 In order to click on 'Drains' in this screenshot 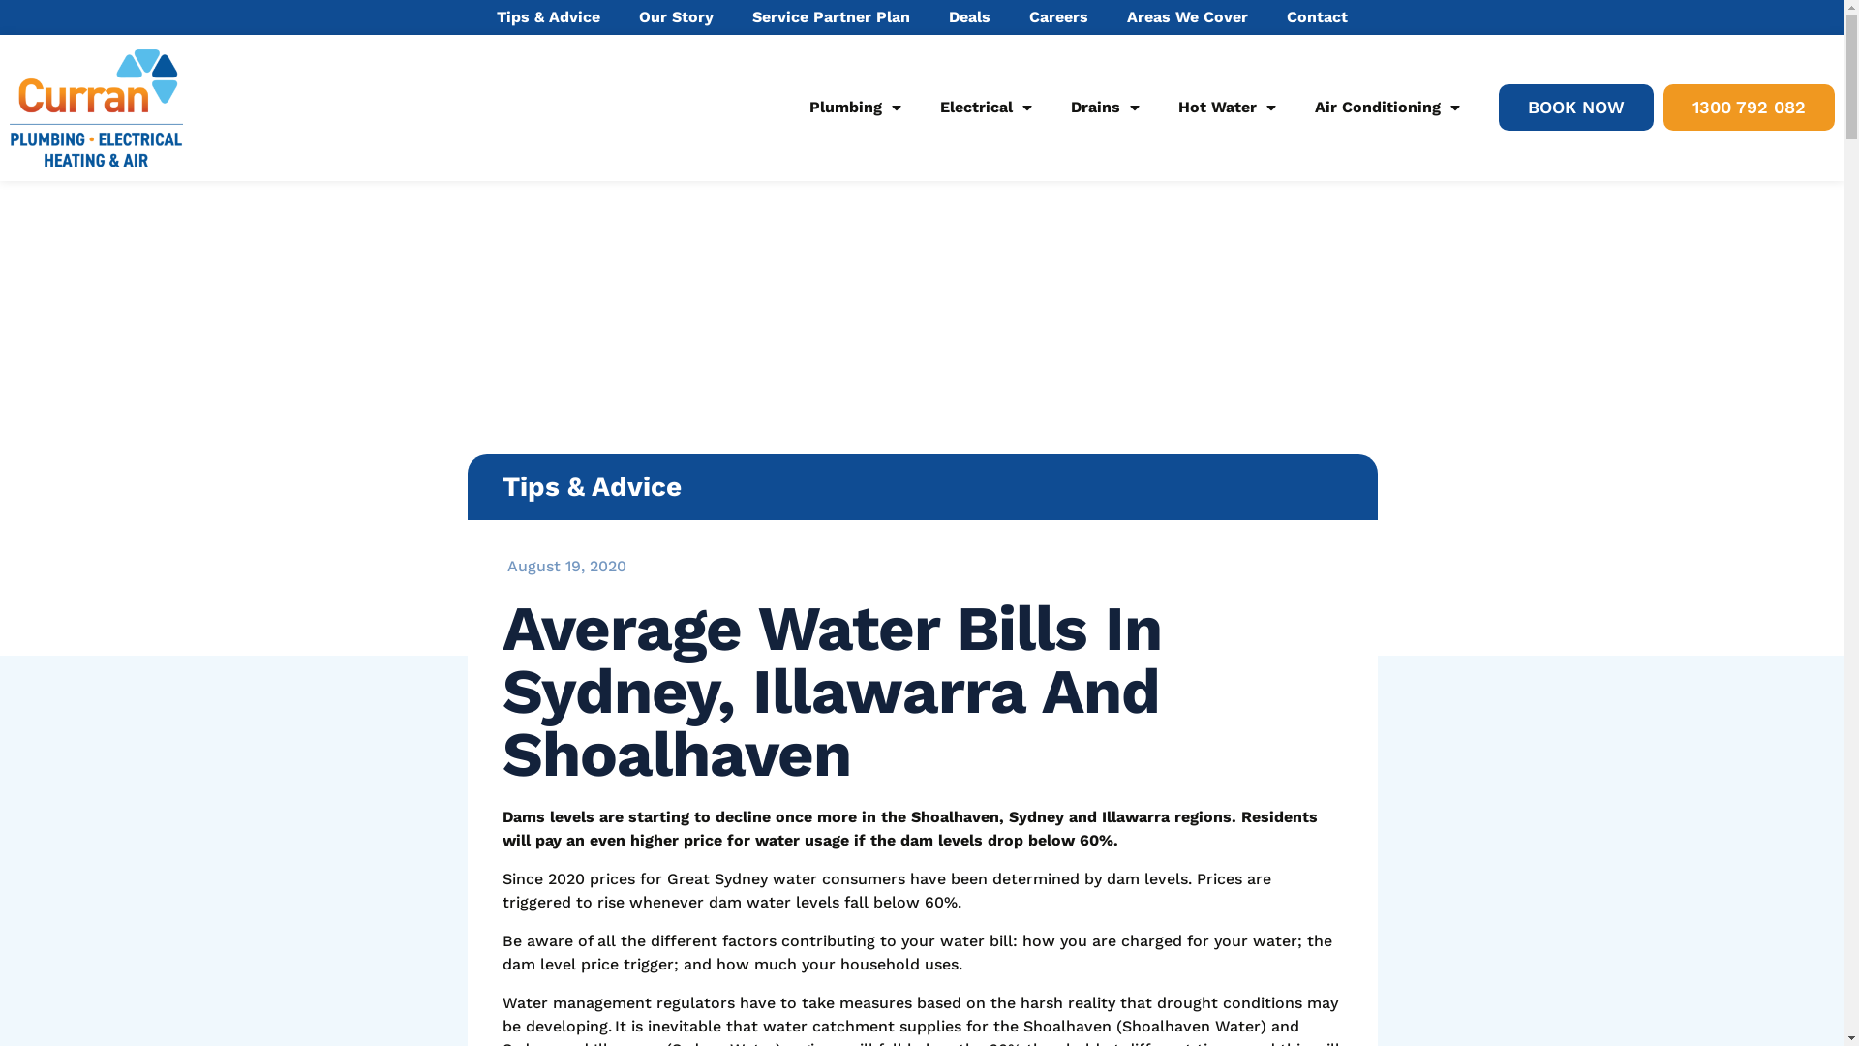, I will do `click(1050, 108)`.